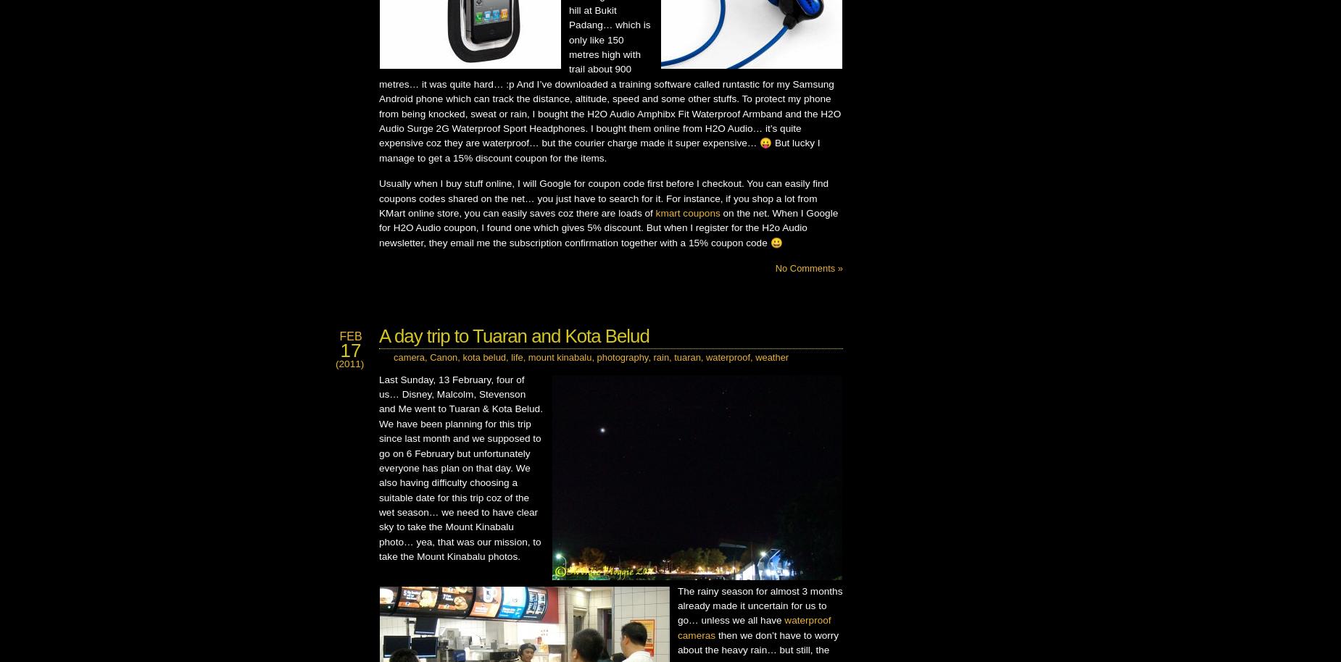 Image resolution: width=1341 pixels, height=662 pixels. What do you see at coordinates (727, 357) in the screenshot?
I see `'waterproof'` at bounding box center [727, 357].